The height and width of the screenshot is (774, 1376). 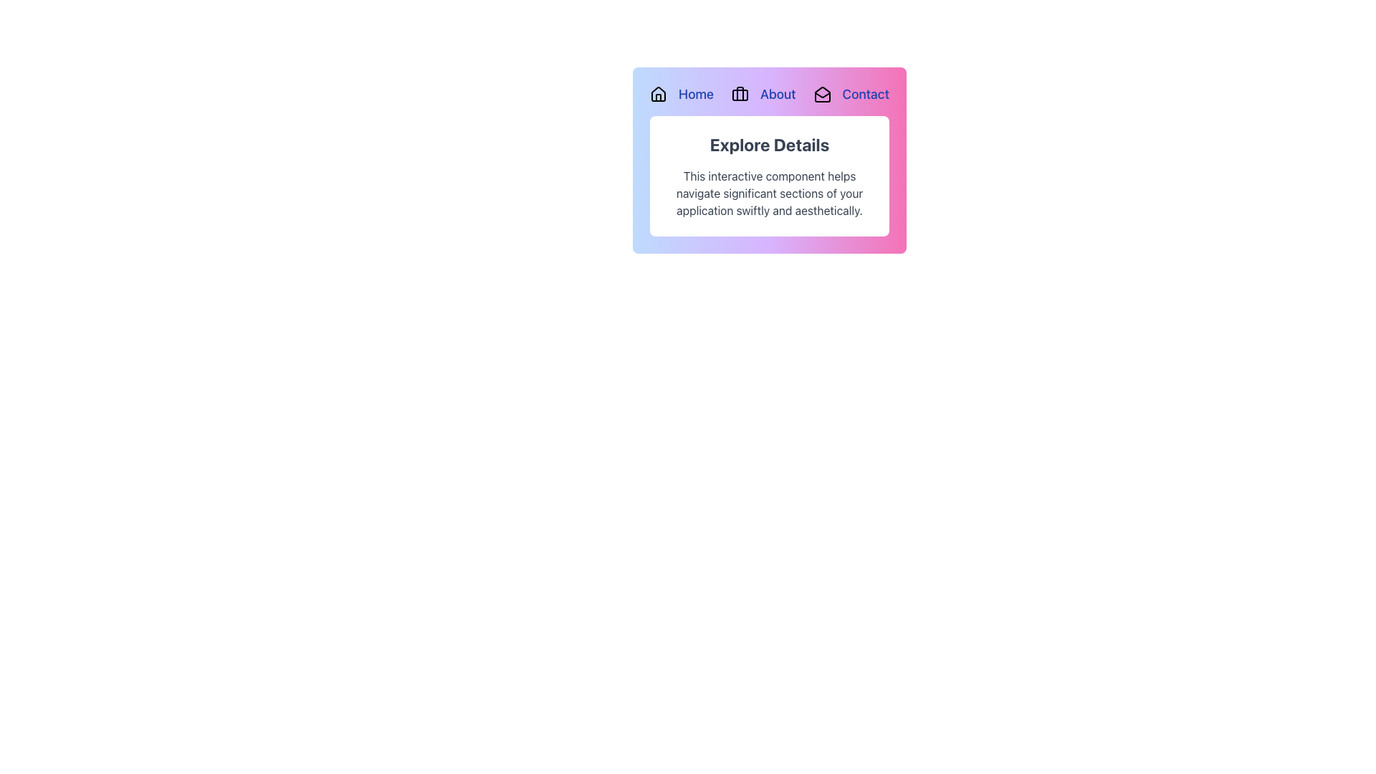 What do you see at coordinates (681, 94) in the screenshot?
I see `the 'Home' hyperlink, which is a bold, blue text navigation link positioned in the top navigation bar of a card layout` at bounding box center [681, 94].